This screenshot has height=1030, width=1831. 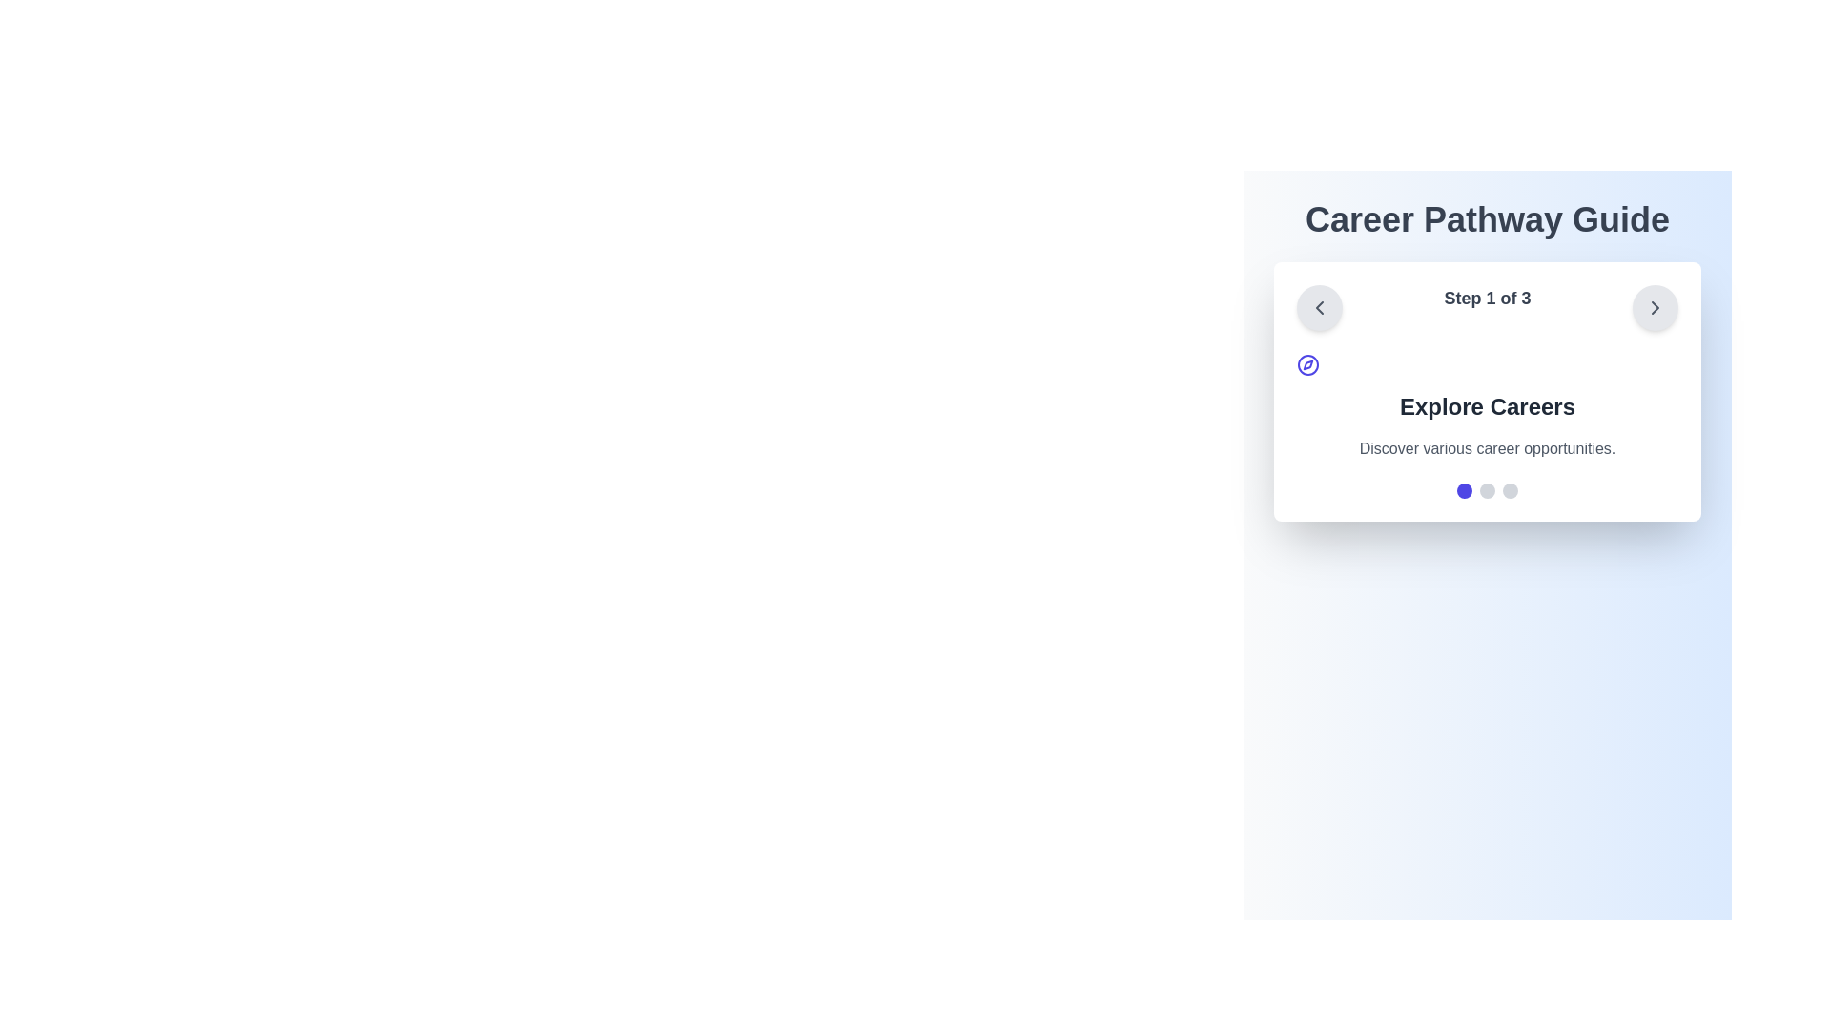 I want to click on the decorative vector graphic (circle) located in the upper-left corner of the 'Explore Careers' card, which serves as a compass-like visual enhancement, so click(x=1307, y=364).